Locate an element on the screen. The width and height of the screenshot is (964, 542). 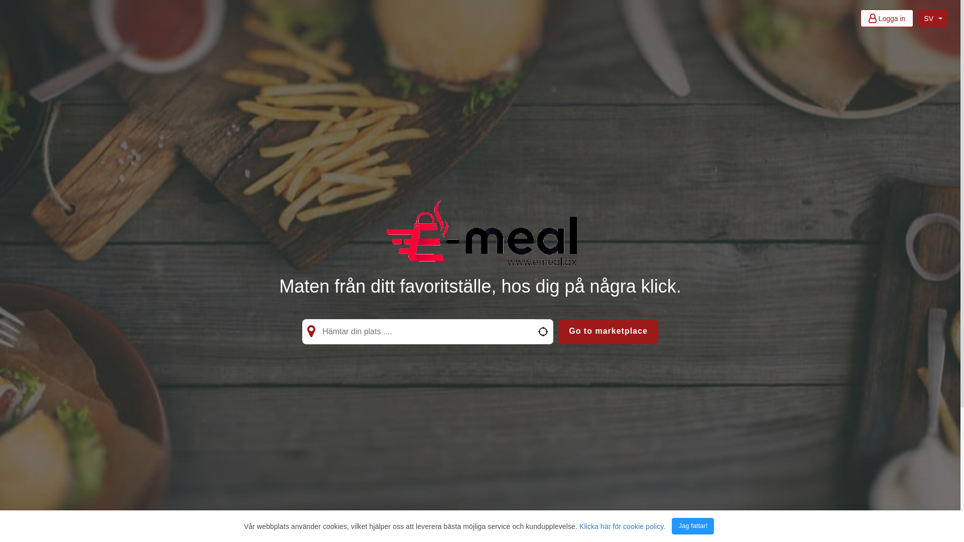
'Go to marketplace' is located at coordinates (608, 331).